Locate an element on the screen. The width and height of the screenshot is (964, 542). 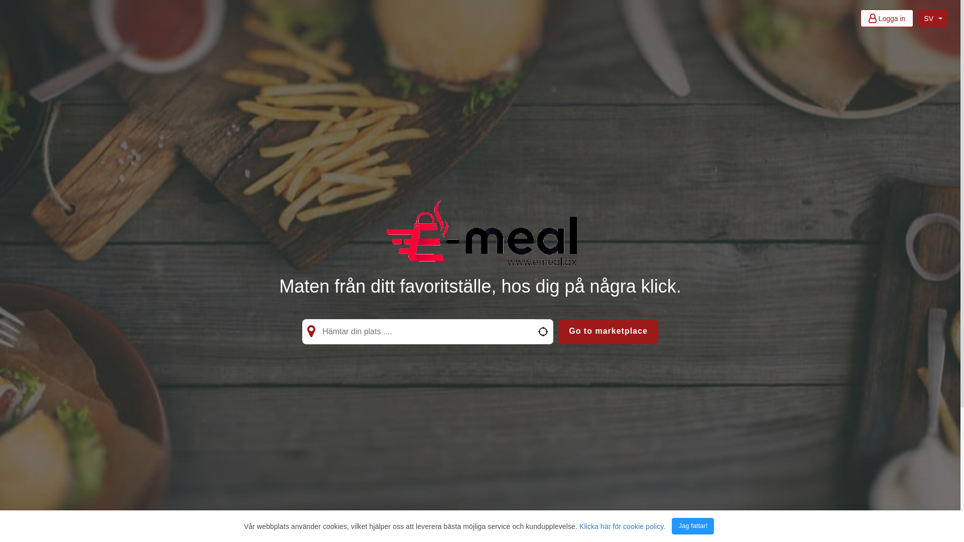
'Go to marketplace' is located at coordinates (608, 331).